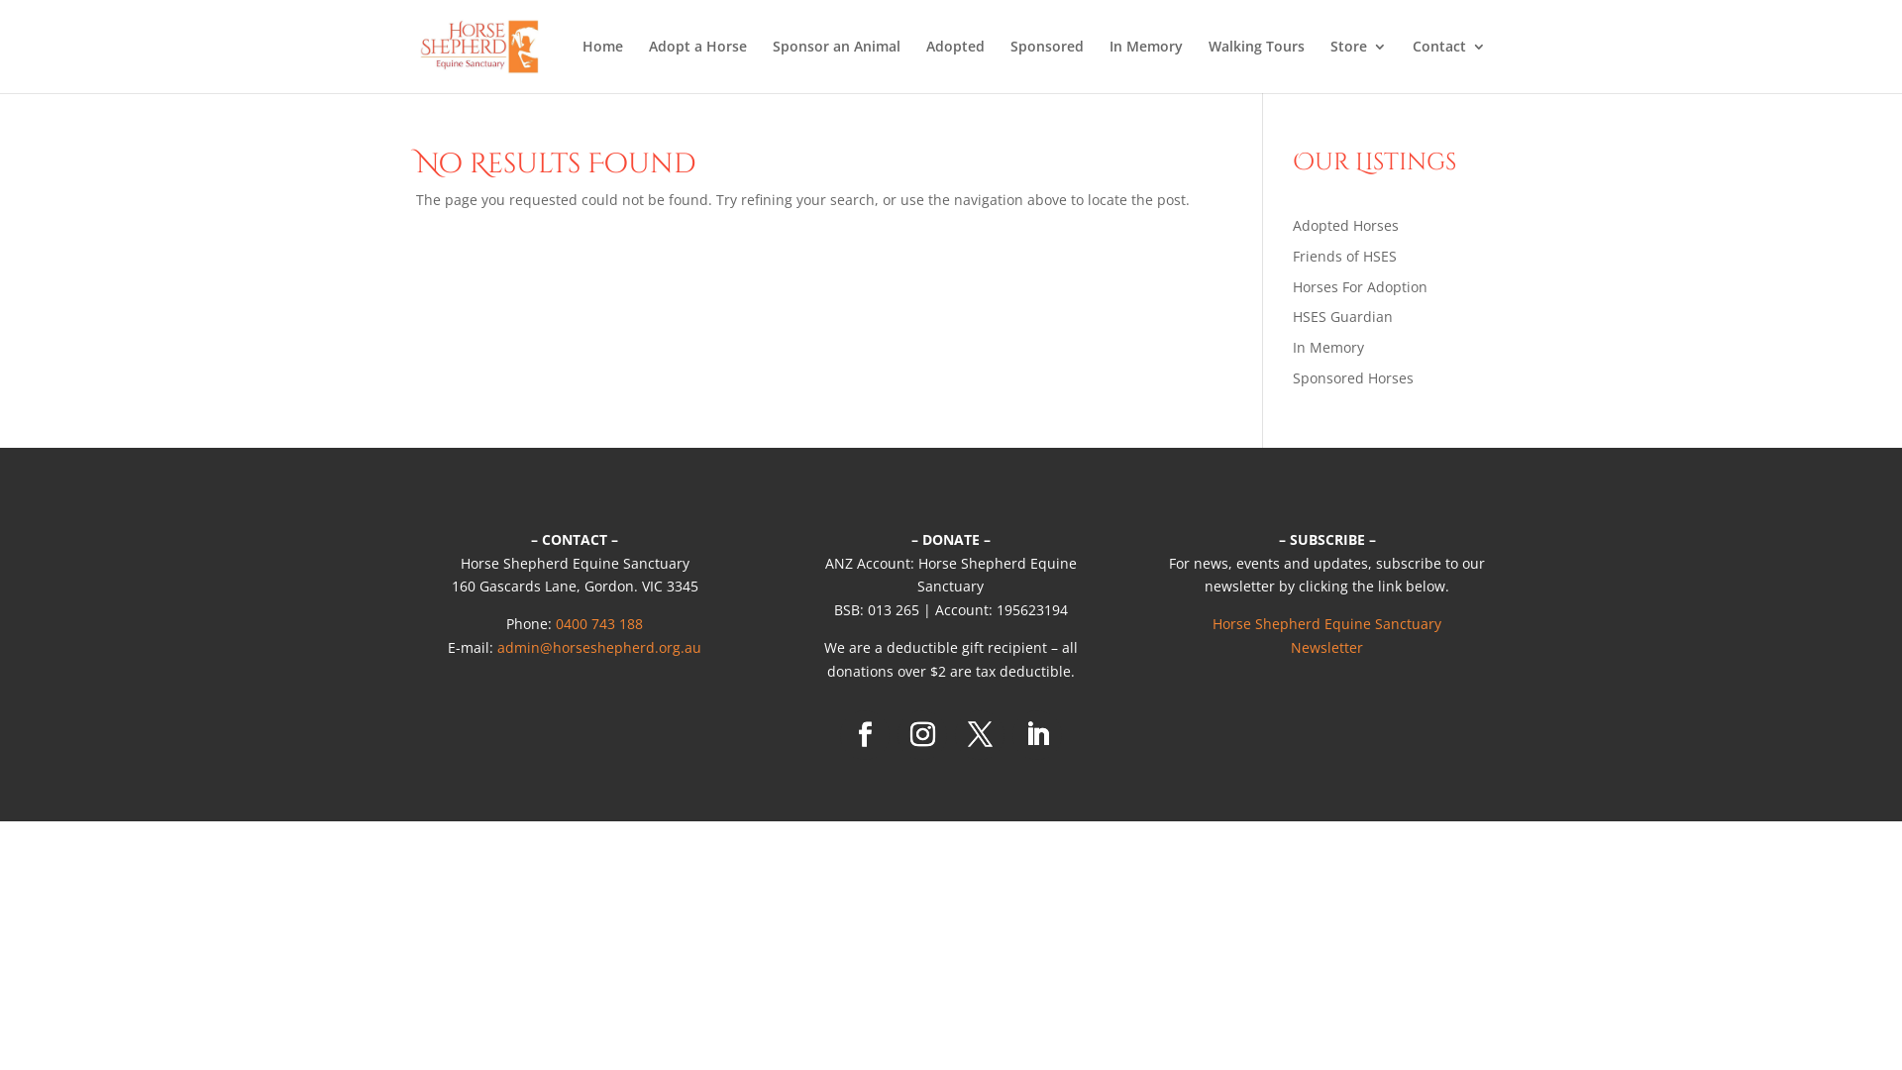 This screenshot has width=1902, height=1070. Describe the element at coordinates (921, 734) in the screenshot. I see `'Follow on Instagram'` at that location.